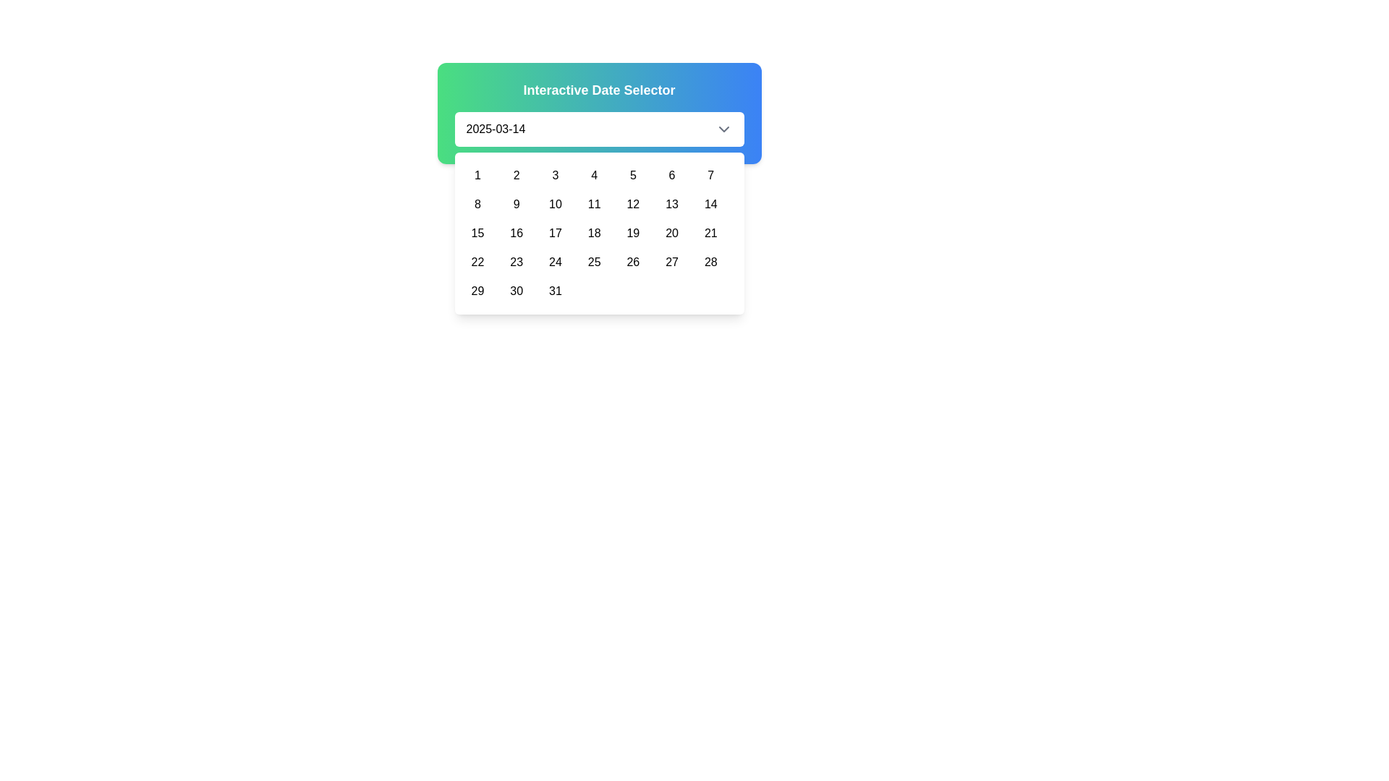 The height and width of the screenshot is (781, 1389). What do you see at coordinates (671, 262) in the screenshot?
I see `the button` at bounding box center [671, 262].